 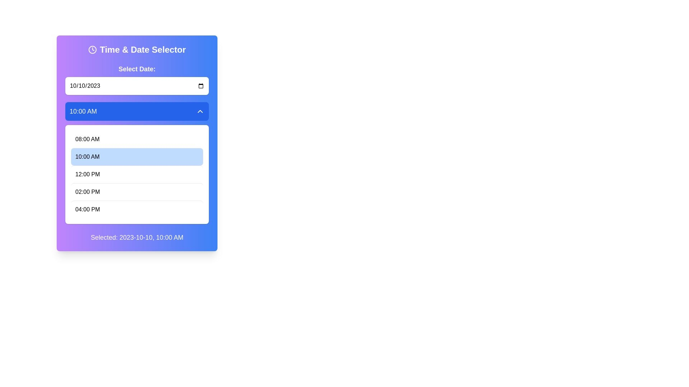 What do you see at coordinates (137, 163) in the screenshot?
I see `the time option in the dropdown menu located between '08:00 AM' and '12:00 PM'` at bounding box center [137, 163].